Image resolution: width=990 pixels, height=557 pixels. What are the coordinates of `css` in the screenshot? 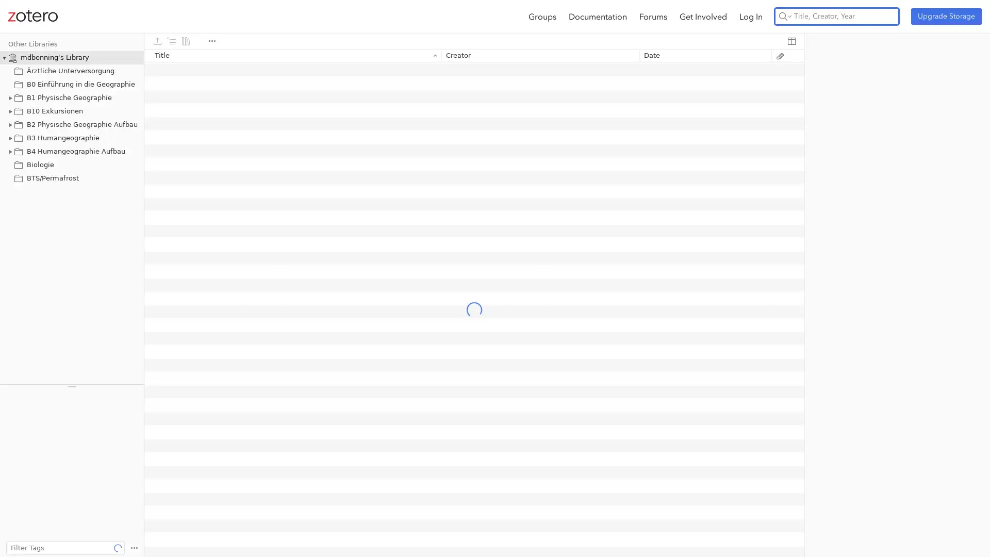 It's located at (13, 463).